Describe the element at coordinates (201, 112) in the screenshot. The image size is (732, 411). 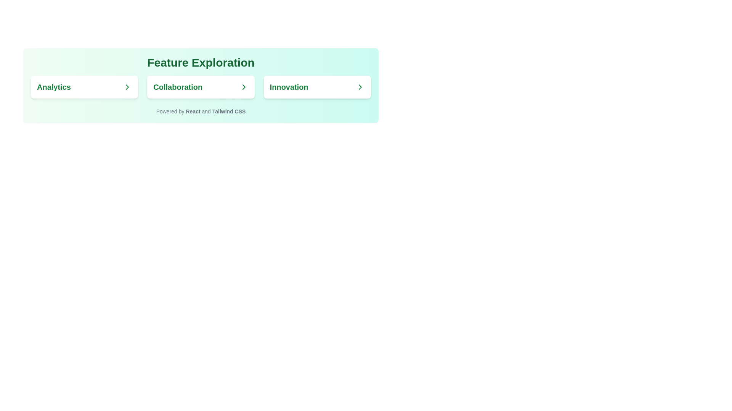
I see `text from the horizontal text block labeled 'Powered by React and Tailwind CSS', which is styled with a small font size and gray color, positioned below the main features 'Analytics', 'Collaboration', and 'Innovation'` at that location.